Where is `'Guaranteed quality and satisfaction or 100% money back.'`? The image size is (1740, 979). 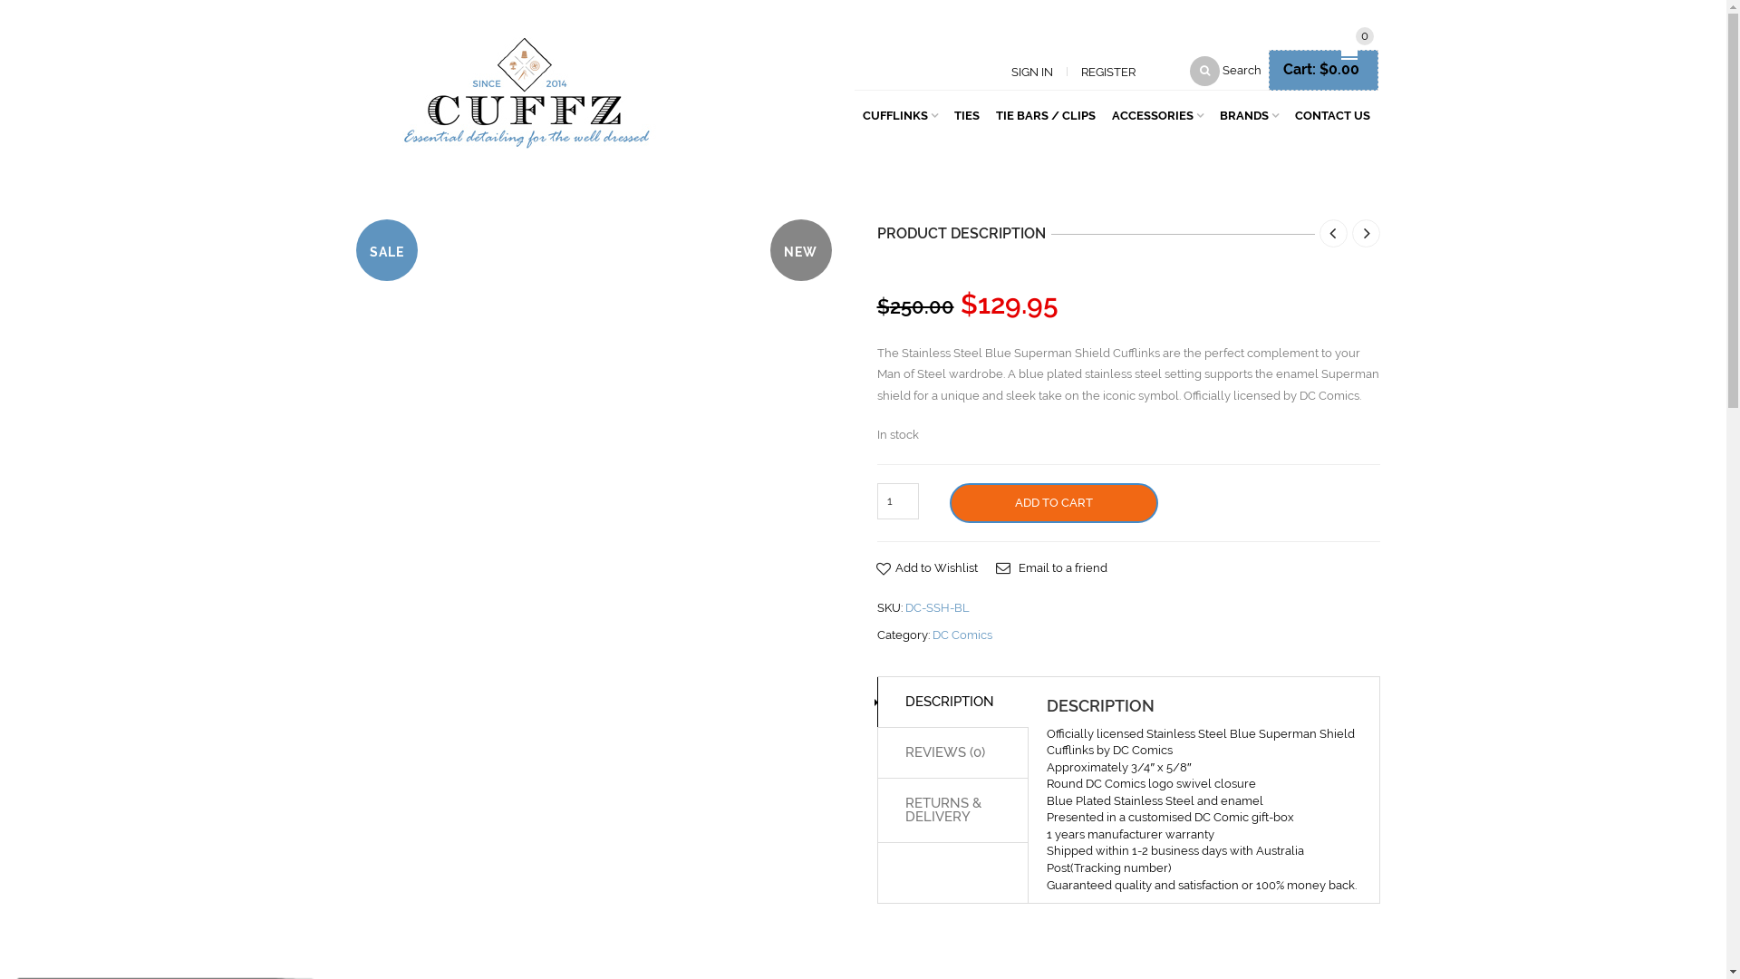 'Guaranteed quality and satisfaction or 100% money back.' is located at coordinates (1201, 884).